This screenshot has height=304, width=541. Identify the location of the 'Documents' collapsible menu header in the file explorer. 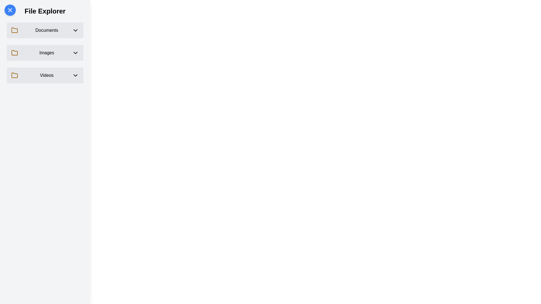
(45, 30).